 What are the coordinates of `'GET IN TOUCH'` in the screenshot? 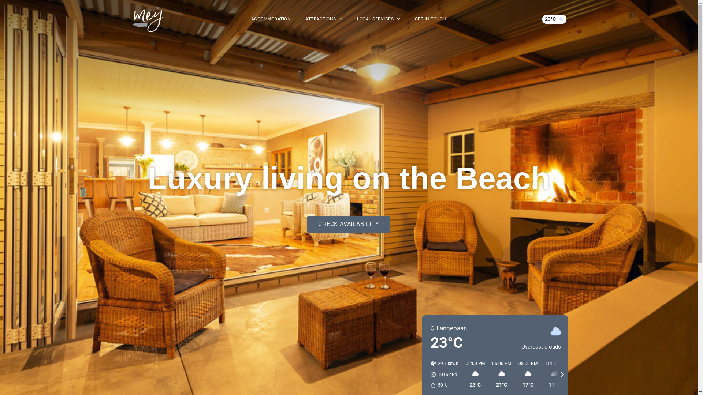 It's located at (431, 18).